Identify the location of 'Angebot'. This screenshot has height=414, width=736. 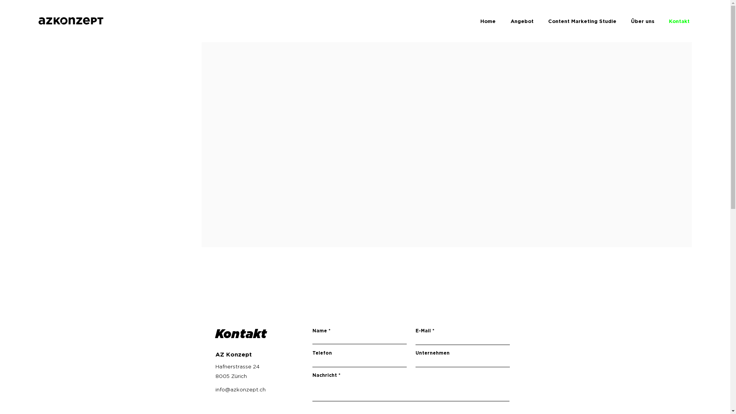
(521, 20).